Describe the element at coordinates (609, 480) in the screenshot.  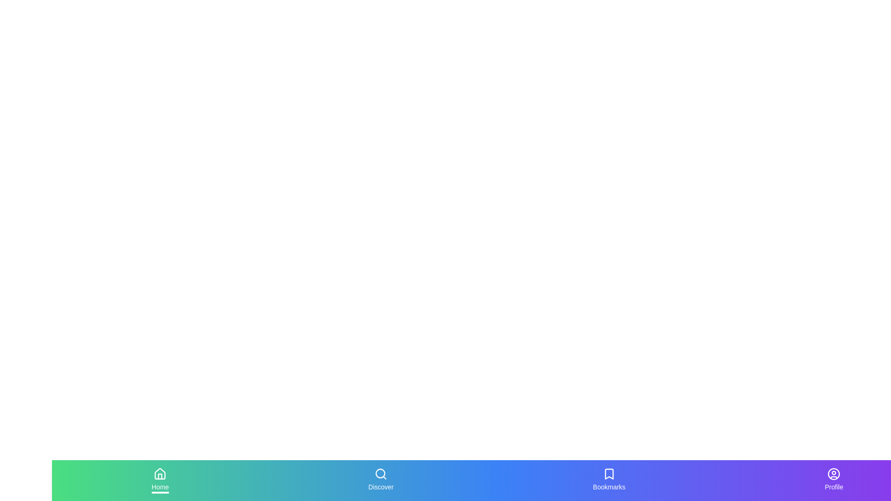
I see `the tab Bookmarks in the bottom navigation bar` at that location.